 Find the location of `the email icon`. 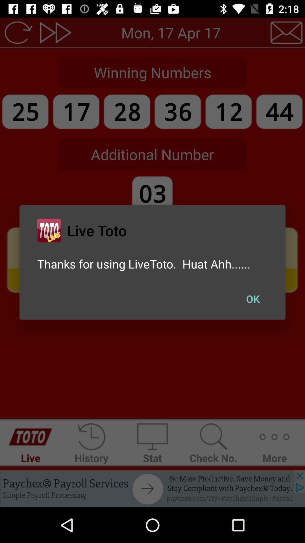

the email icon is located at coordinates (286, 32).